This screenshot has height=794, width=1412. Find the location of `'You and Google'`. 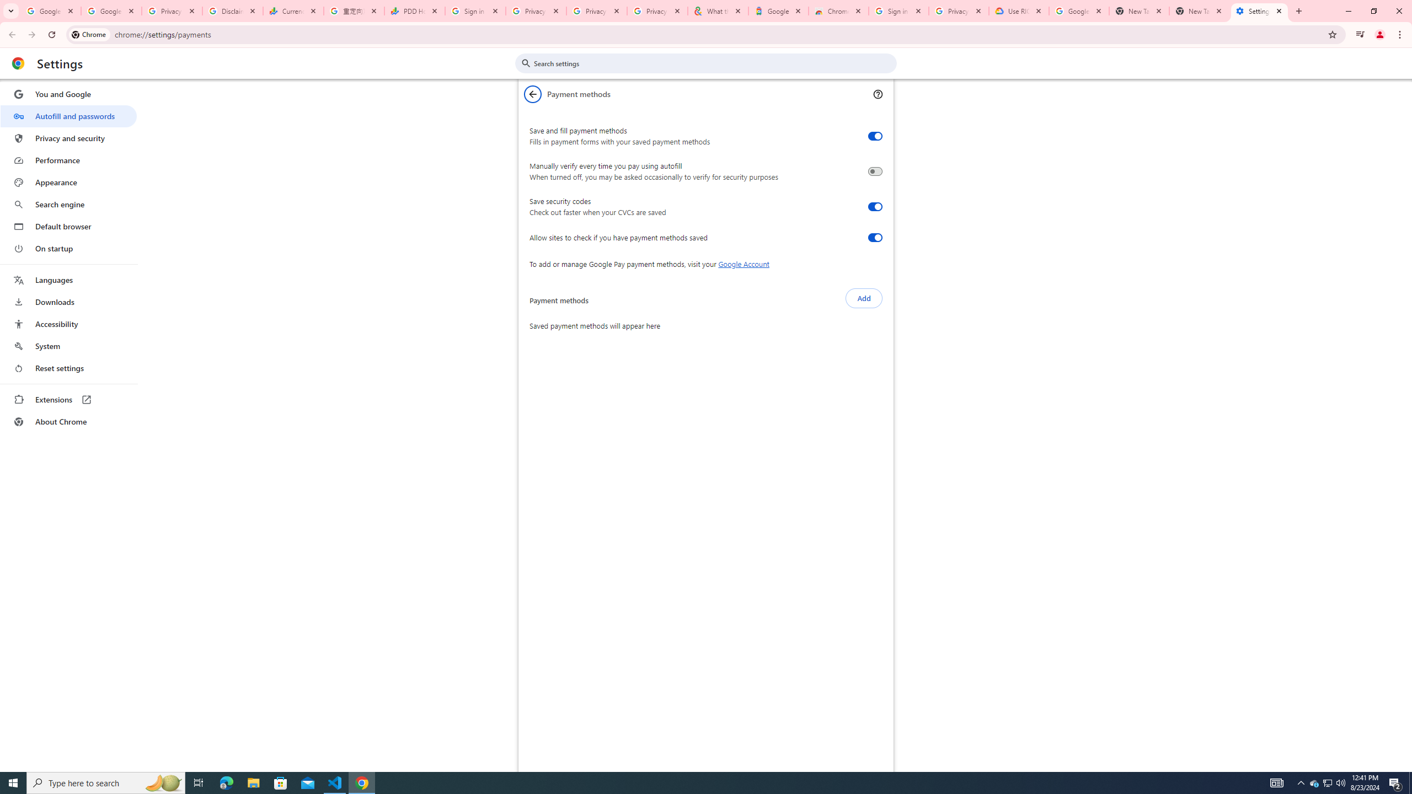

'You and Google' is located at coordinates (68, 94).